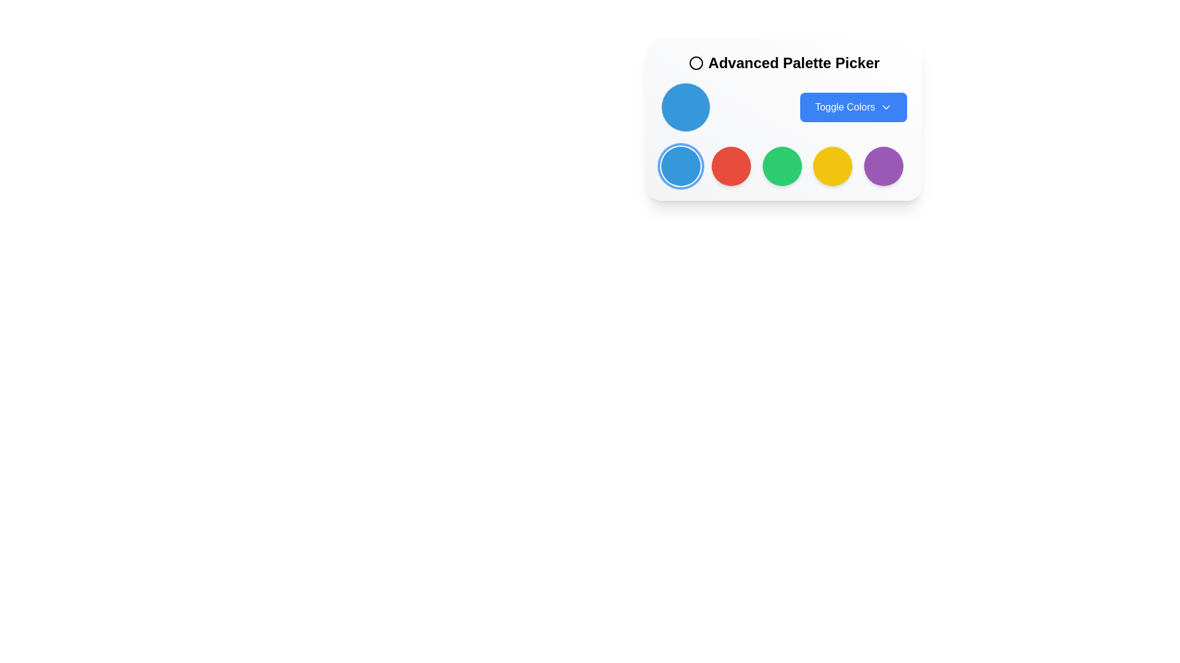  I want to click on the third solid green circular button, so click(781, 166).